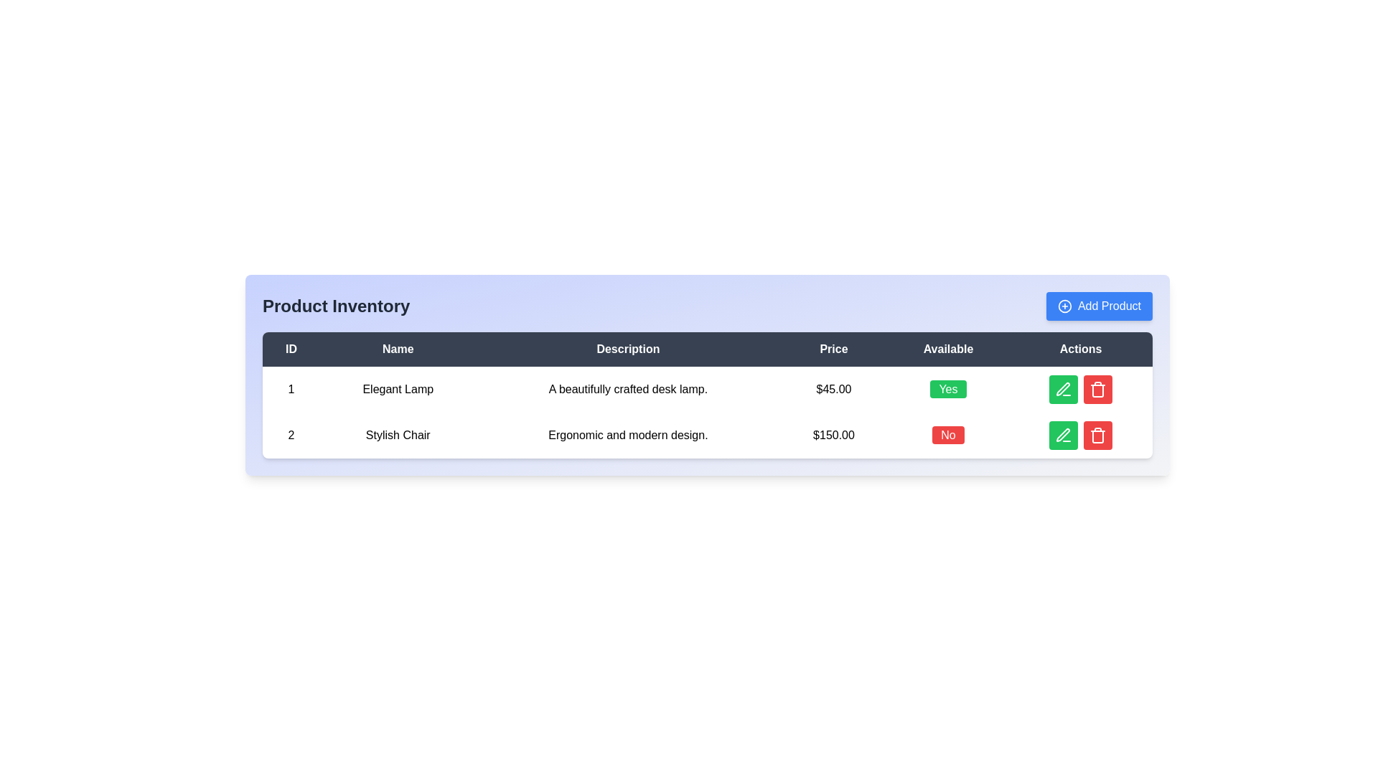 The width and height of the screenshot is (1378, 775). What do you see at coordinates (628, 390) in the screenshot?
I see `text block that provides a detailed description of the product 'Elegant Lamp', located in the third column of the first row of the product inventory table` at bounding box center [628, 390].